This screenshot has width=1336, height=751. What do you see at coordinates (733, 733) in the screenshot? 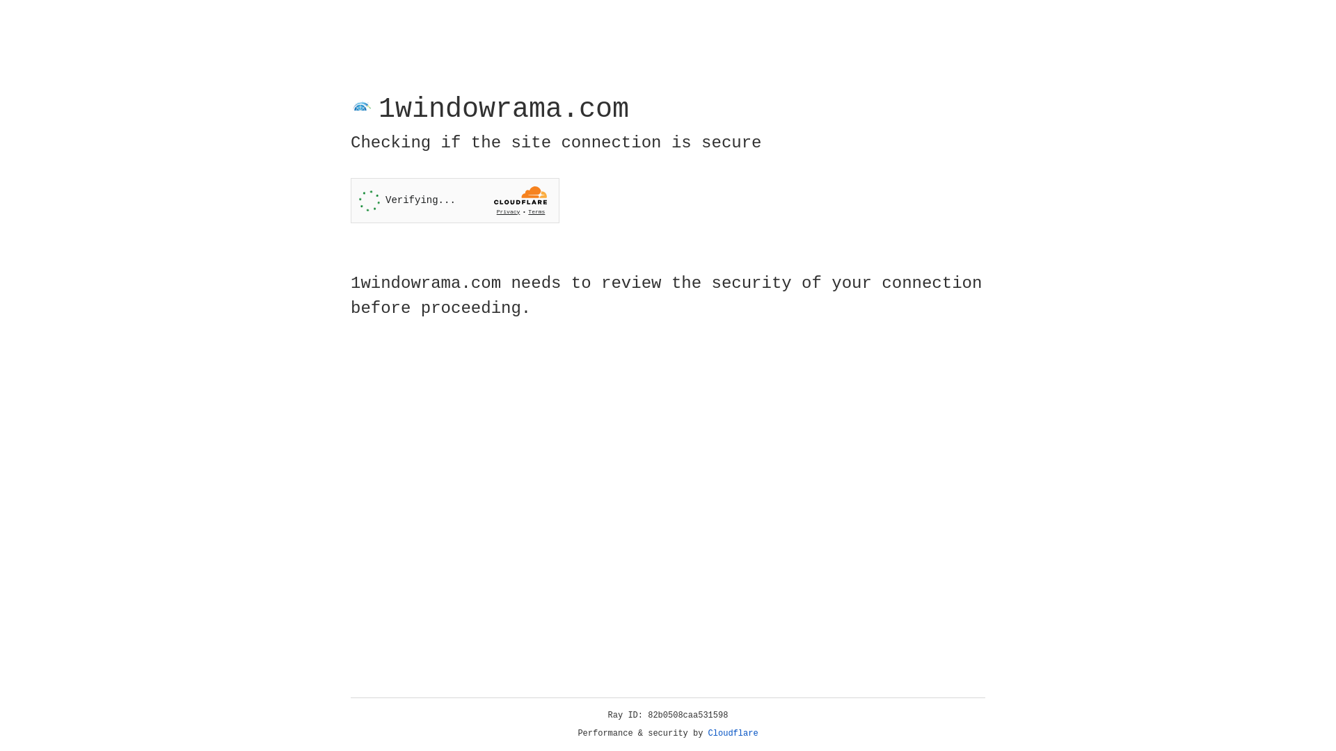
I see `'Cloudflare'` at bounding box center [733, 733].